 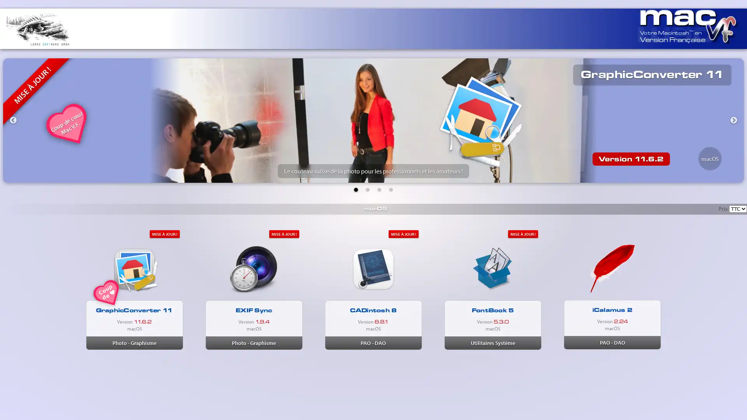 I want to click on Previous, so click(x=13, y=120).